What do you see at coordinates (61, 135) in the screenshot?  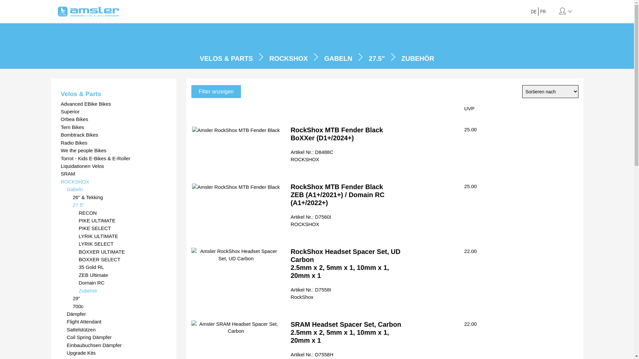 I see `'Bombtrack Bikes'` at bounding box center [61, 135].